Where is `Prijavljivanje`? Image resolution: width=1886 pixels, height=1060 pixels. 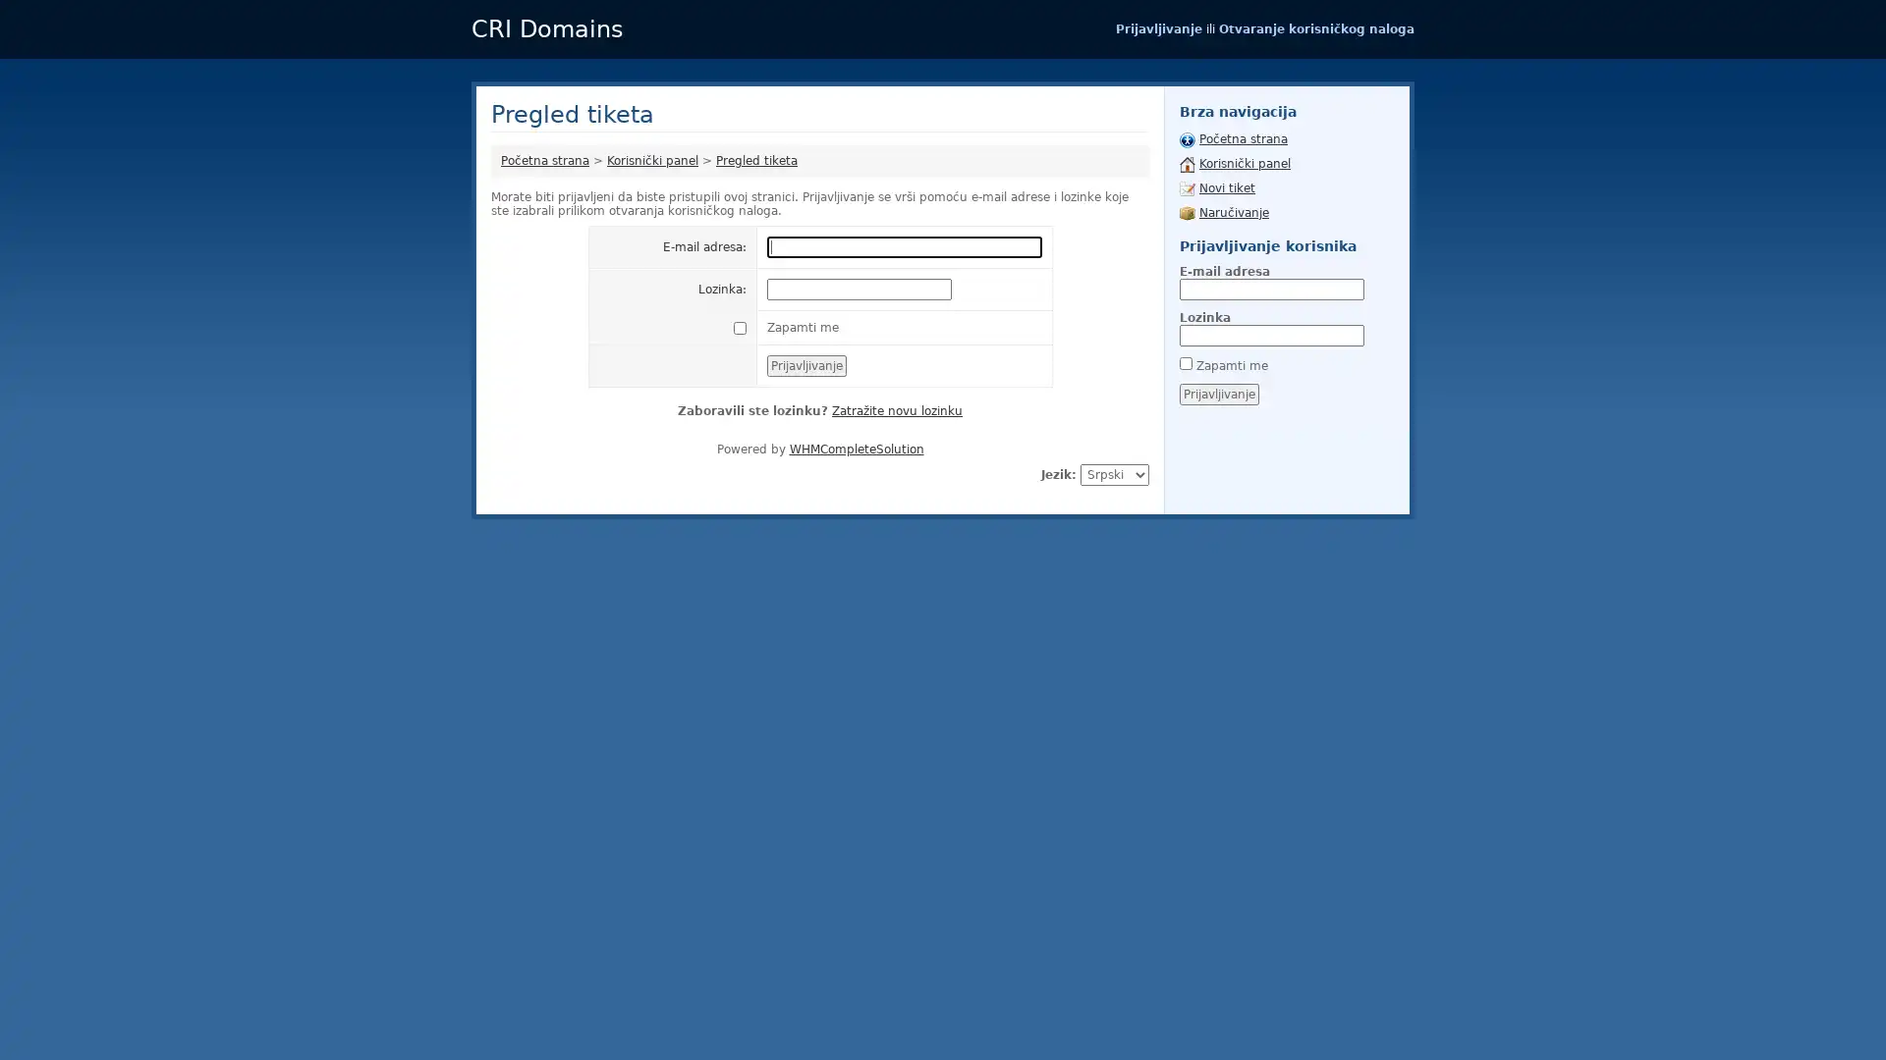
Prijavljivanje is located at coordinates (1218, 394).